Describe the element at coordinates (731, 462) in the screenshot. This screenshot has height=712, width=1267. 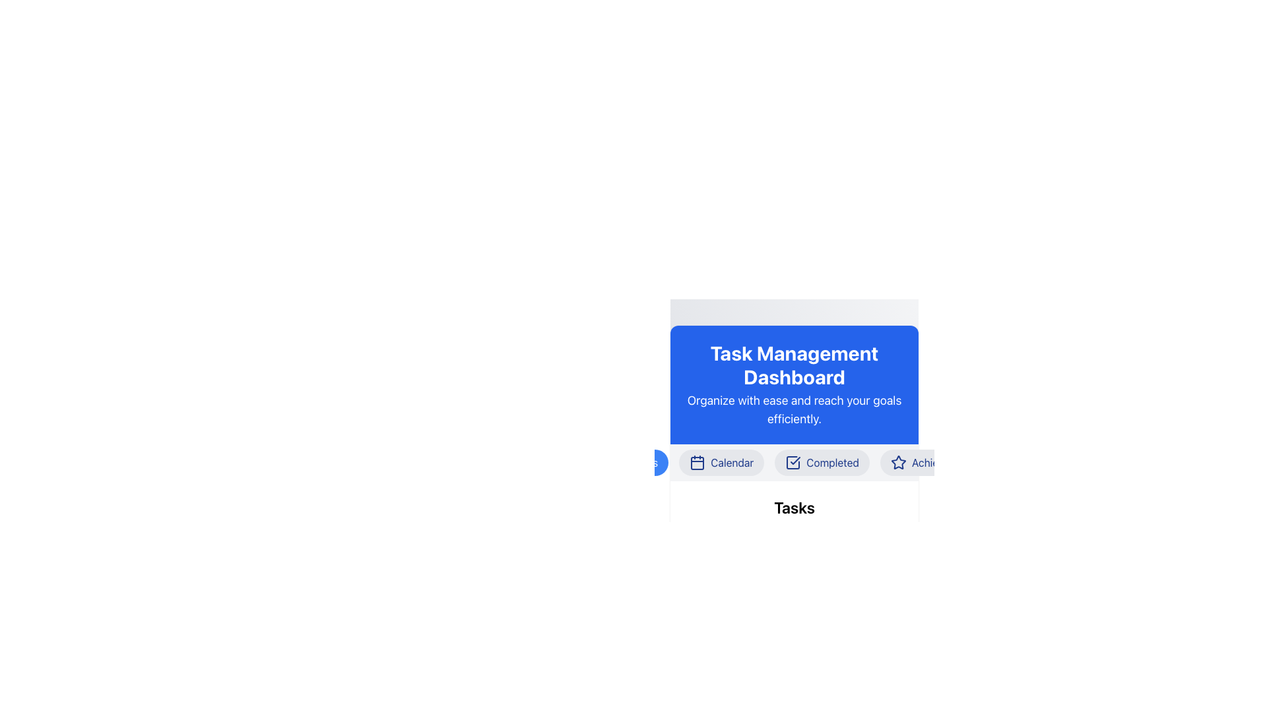
I see `the 'Calendar' text label, which is styled in blue and adjacent to a calendar icon, located in the horizontal navigation bar under the task management dashboard` at that location.